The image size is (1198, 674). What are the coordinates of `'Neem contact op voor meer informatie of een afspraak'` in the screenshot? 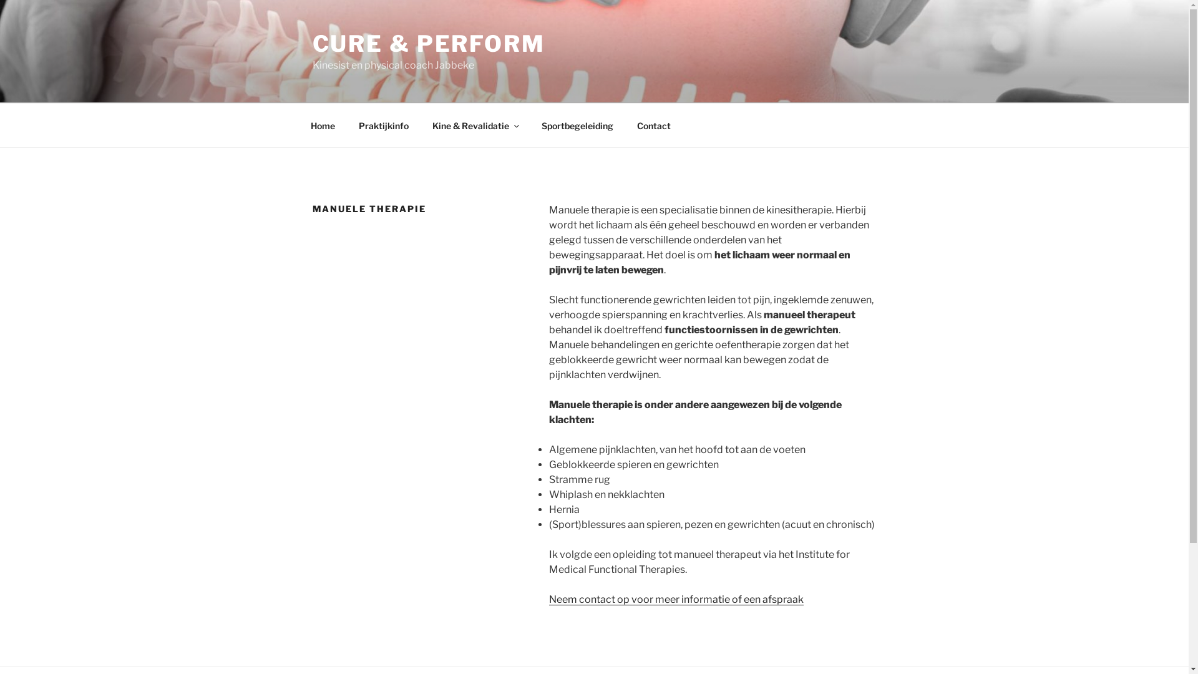 It's located at (676, 598).